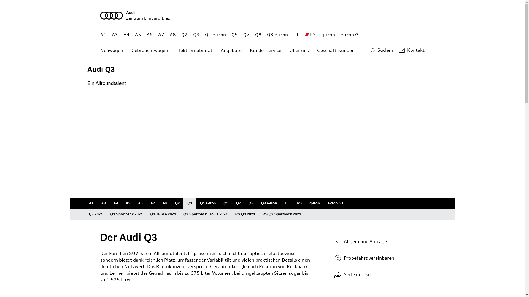 The image size is (529, 297). What do you see at coordinates (282, 214) in the screenshot?
I see `'RS Q3 Sportback 2024'` at bounding box center [282, 214].